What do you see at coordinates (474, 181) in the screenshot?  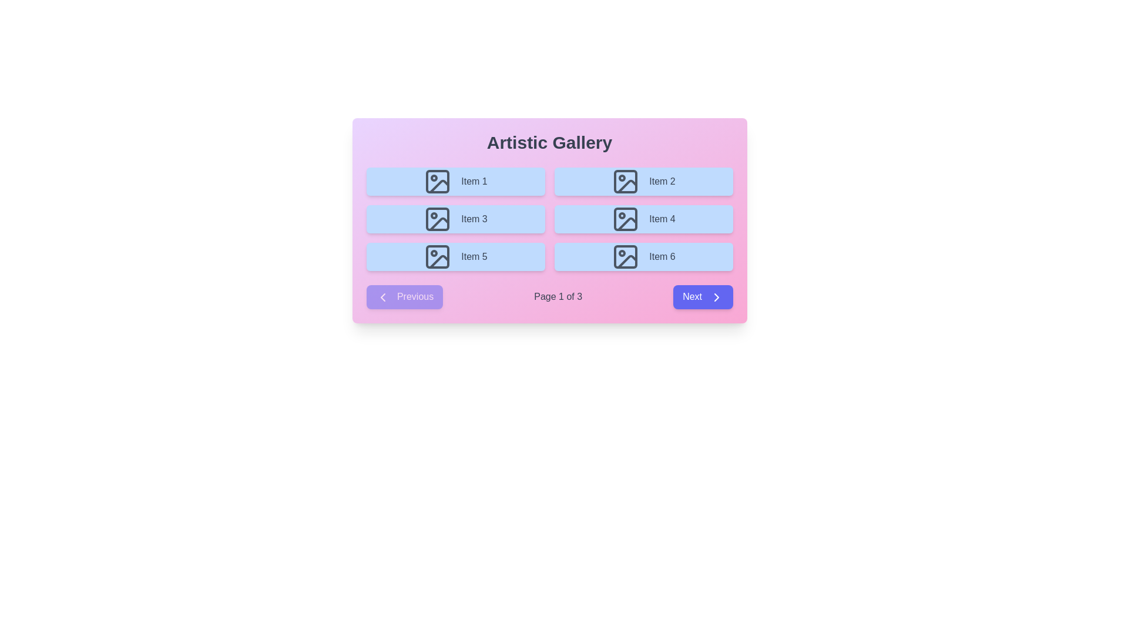 I see `the text label describing the first item in the visual grid, located inside a blue rectangular box to the right of an image icon` at bounding box center [474, 181].